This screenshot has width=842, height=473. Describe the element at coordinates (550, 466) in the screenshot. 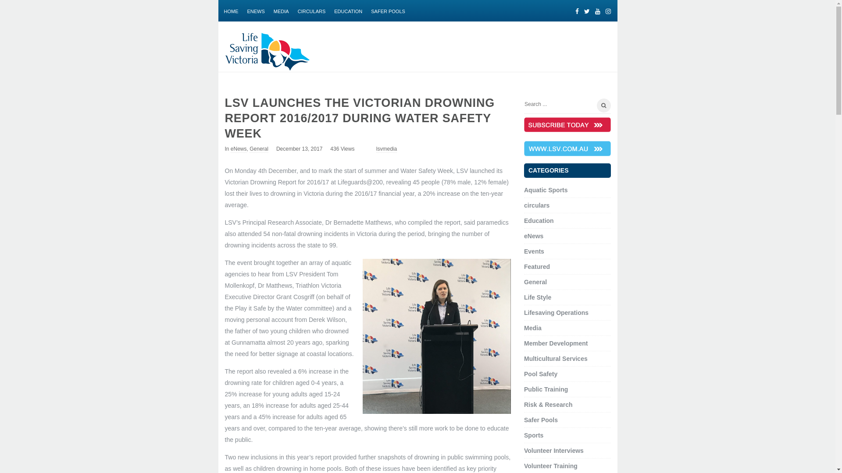

I see `'Volunteer Training'` at that location.